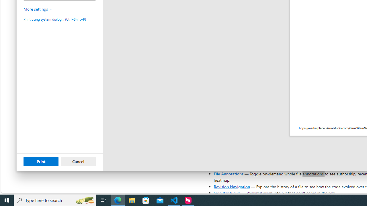 Image resolution: width=367 pixels, height=206 pixels. What do you see at coordinates (78, 161) in the screenshot?
I see `'Cancel'` at bounding box center [78, 161].